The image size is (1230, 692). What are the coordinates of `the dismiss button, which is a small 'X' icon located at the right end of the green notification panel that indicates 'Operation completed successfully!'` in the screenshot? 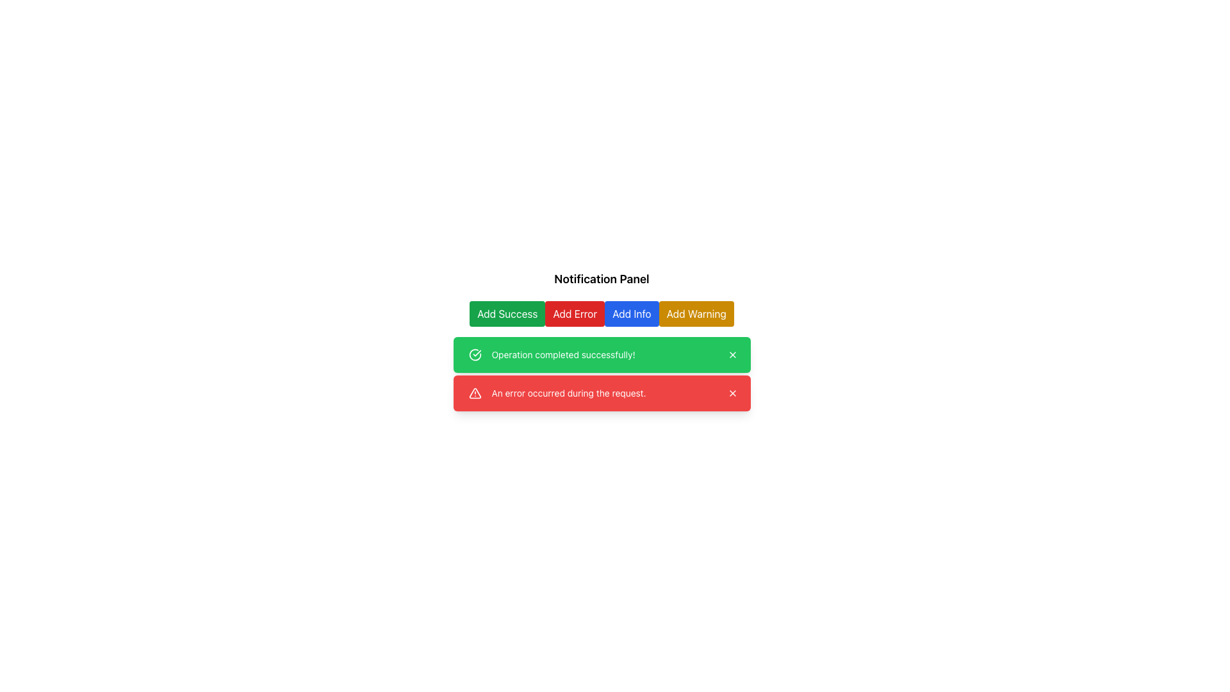 It's located at (732, 355).